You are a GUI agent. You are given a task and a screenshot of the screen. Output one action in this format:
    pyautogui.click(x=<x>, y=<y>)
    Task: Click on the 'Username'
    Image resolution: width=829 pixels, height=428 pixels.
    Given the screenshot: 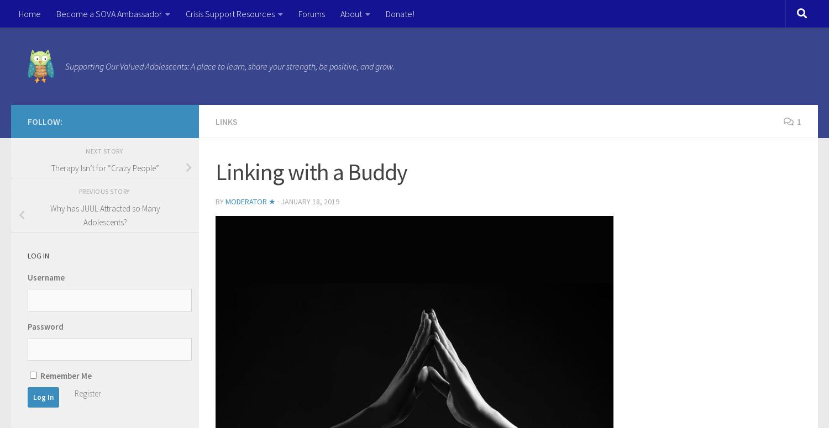 What is the action you would take?
    pyautogui.click(x=45, y=276)
    